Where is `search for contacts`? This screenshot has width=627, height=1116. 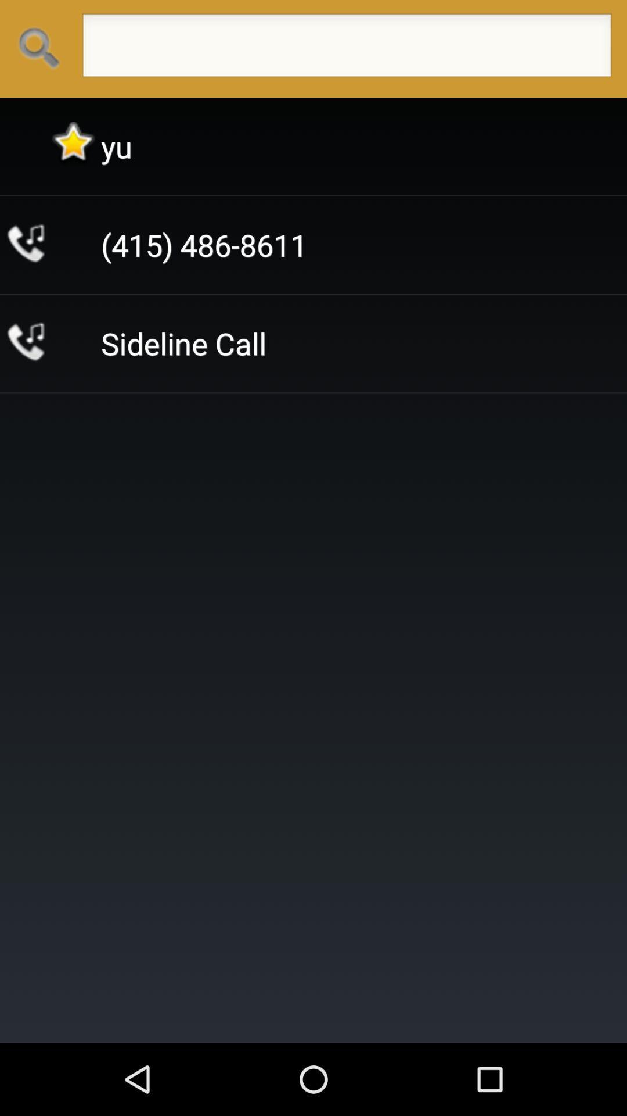
search for contacts is located at coordinates (346, 48).